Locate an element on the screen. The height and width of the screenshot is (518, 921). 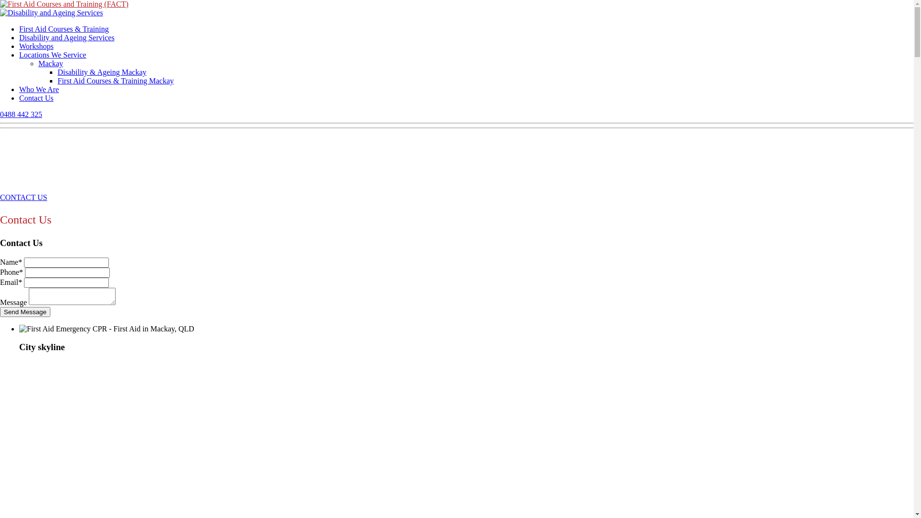
'Disability and Ageing Services' is located at coordinates (66, 37).